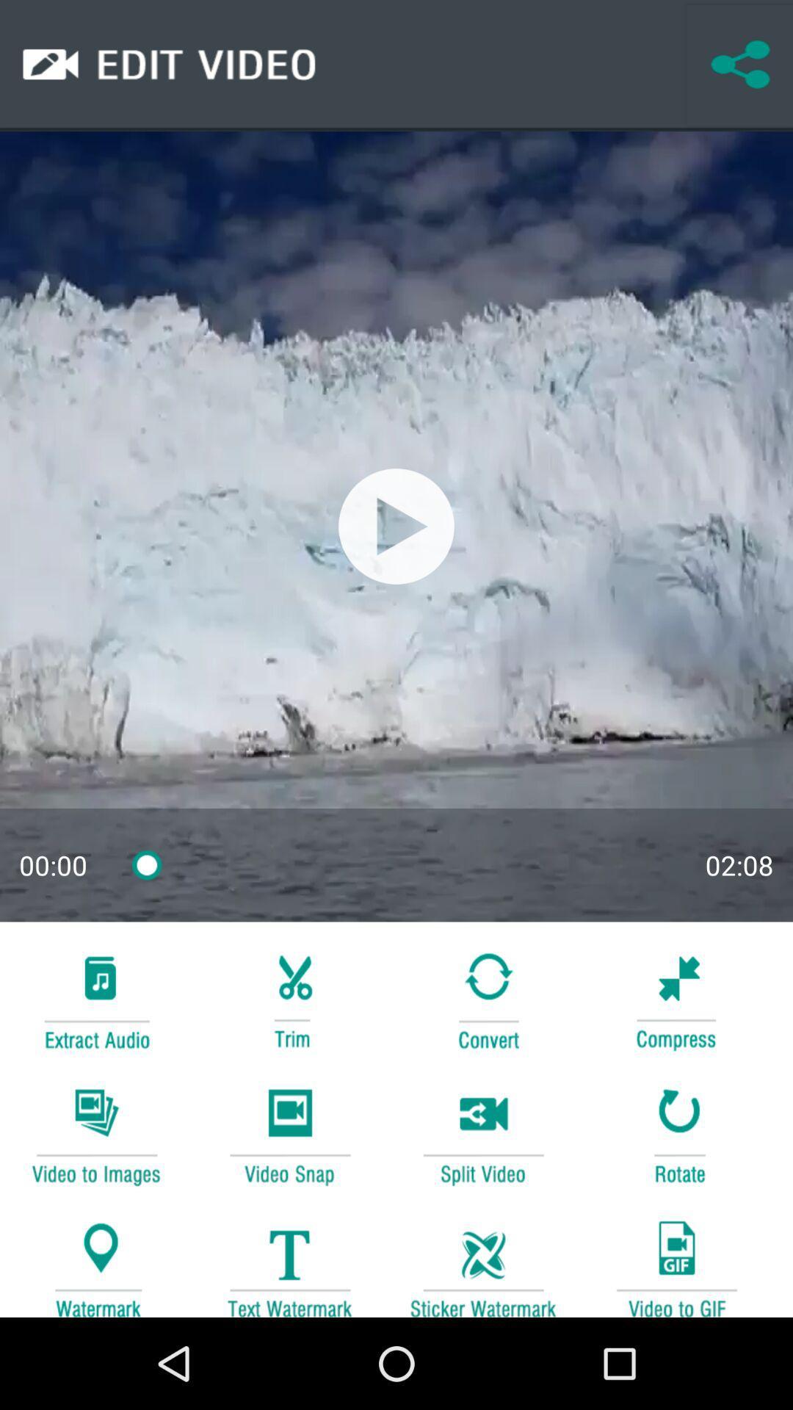 The height and width of the screenshot is (1410, 793). What do you see at coordinates (289, 1134) in the screenshot?
I see `video play button` at bounding box center [289, 1134].